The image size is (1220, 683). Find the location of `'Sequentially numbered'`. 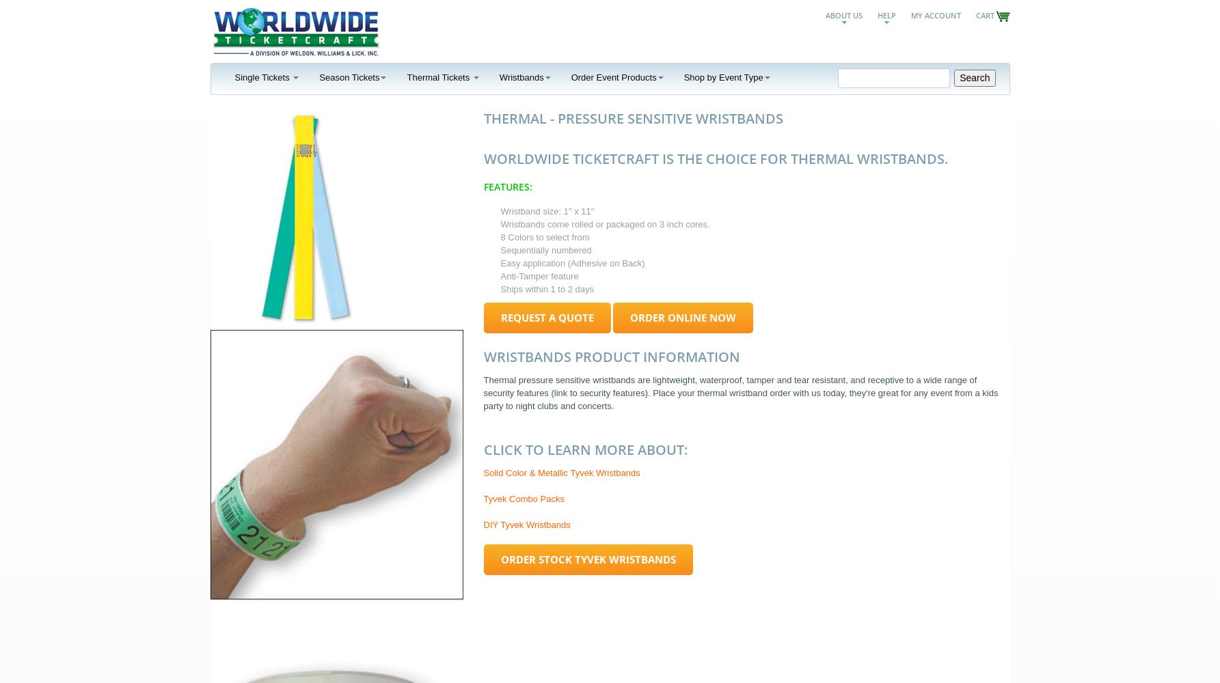

'Sequentially numbered' is located at coordinates (500, 249).